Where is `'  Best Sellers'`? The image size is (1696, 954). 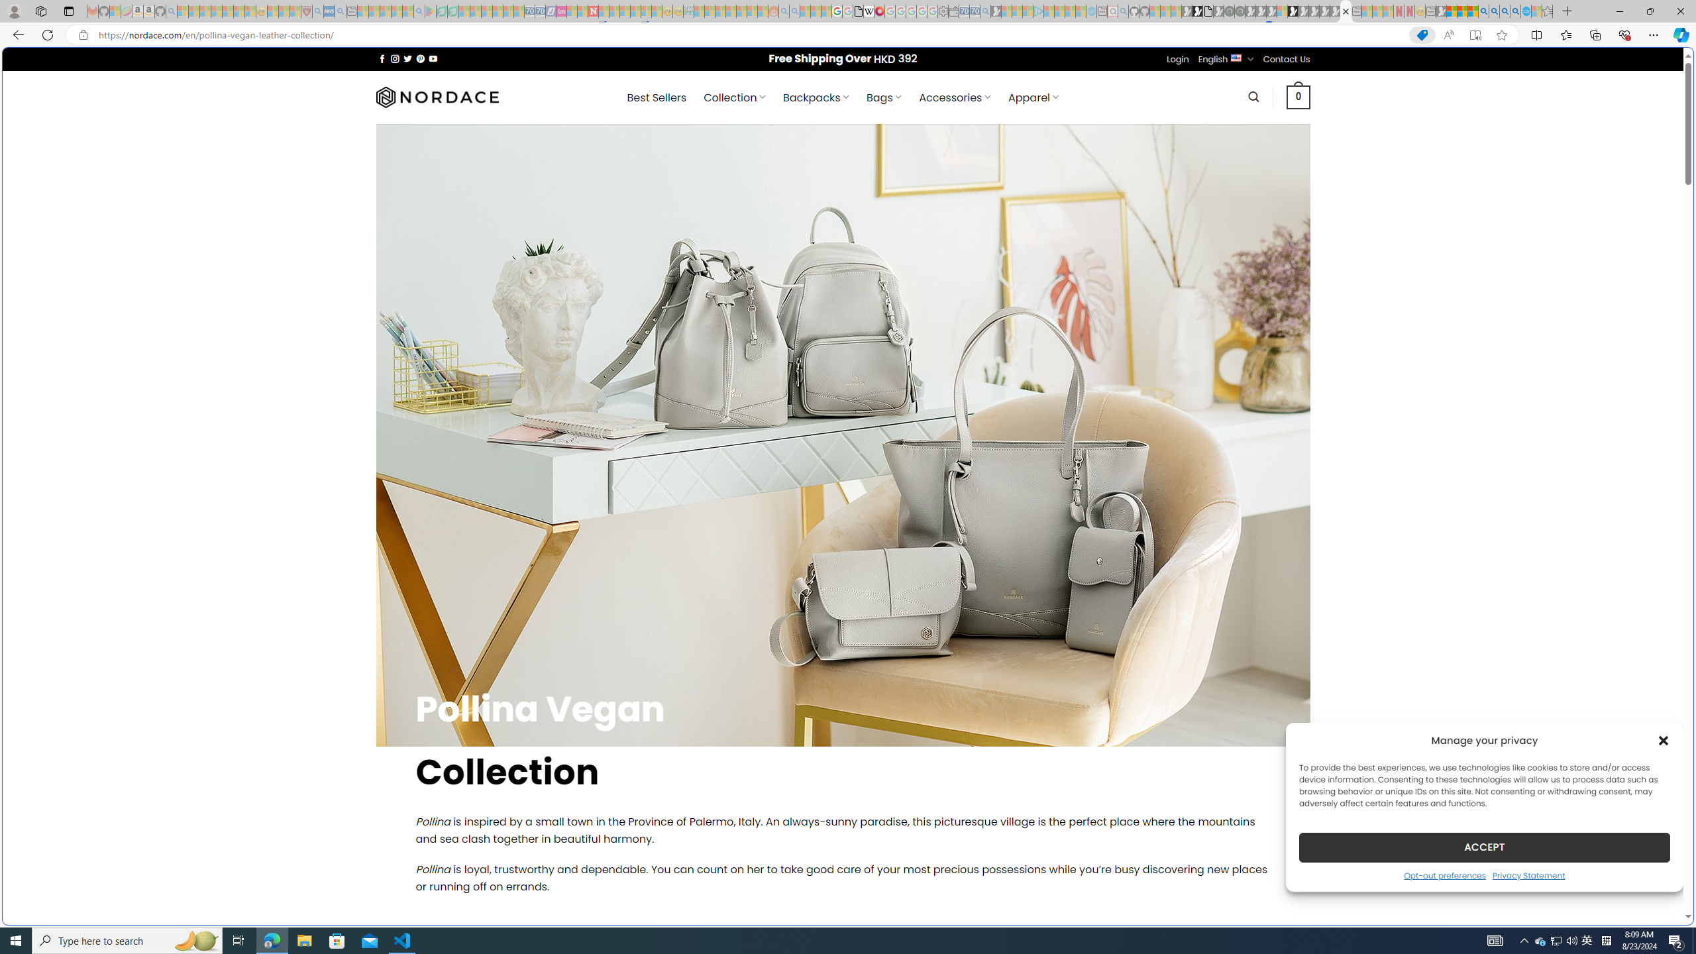 '  Best Sellers' is located at coordinates (657, 97).